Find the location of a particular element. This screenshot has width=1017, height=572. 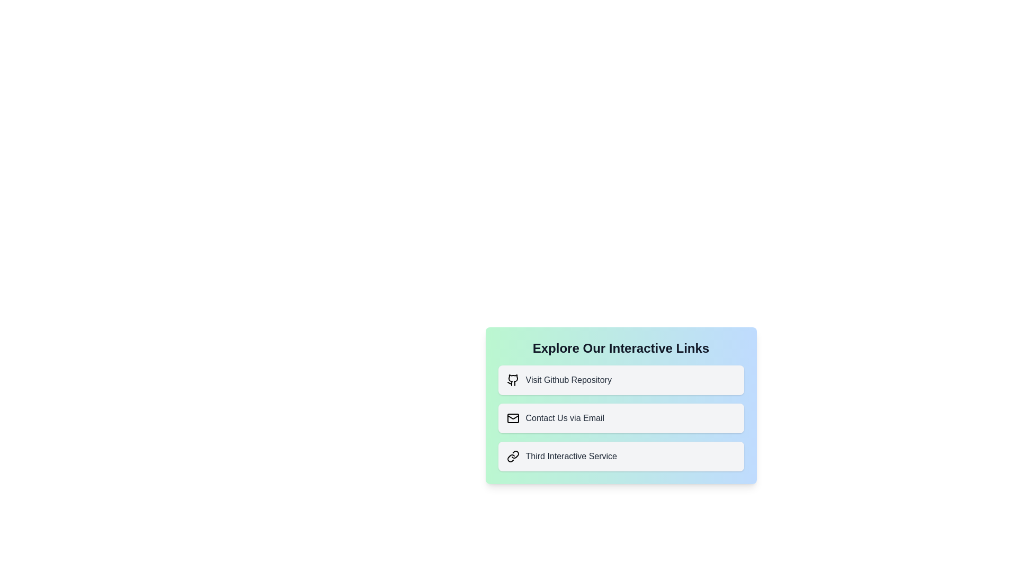

the email contact icon located at the leftmost portion of the second row of interactive links, which represents the action of contacting via email is located at coordinates (513, 418).